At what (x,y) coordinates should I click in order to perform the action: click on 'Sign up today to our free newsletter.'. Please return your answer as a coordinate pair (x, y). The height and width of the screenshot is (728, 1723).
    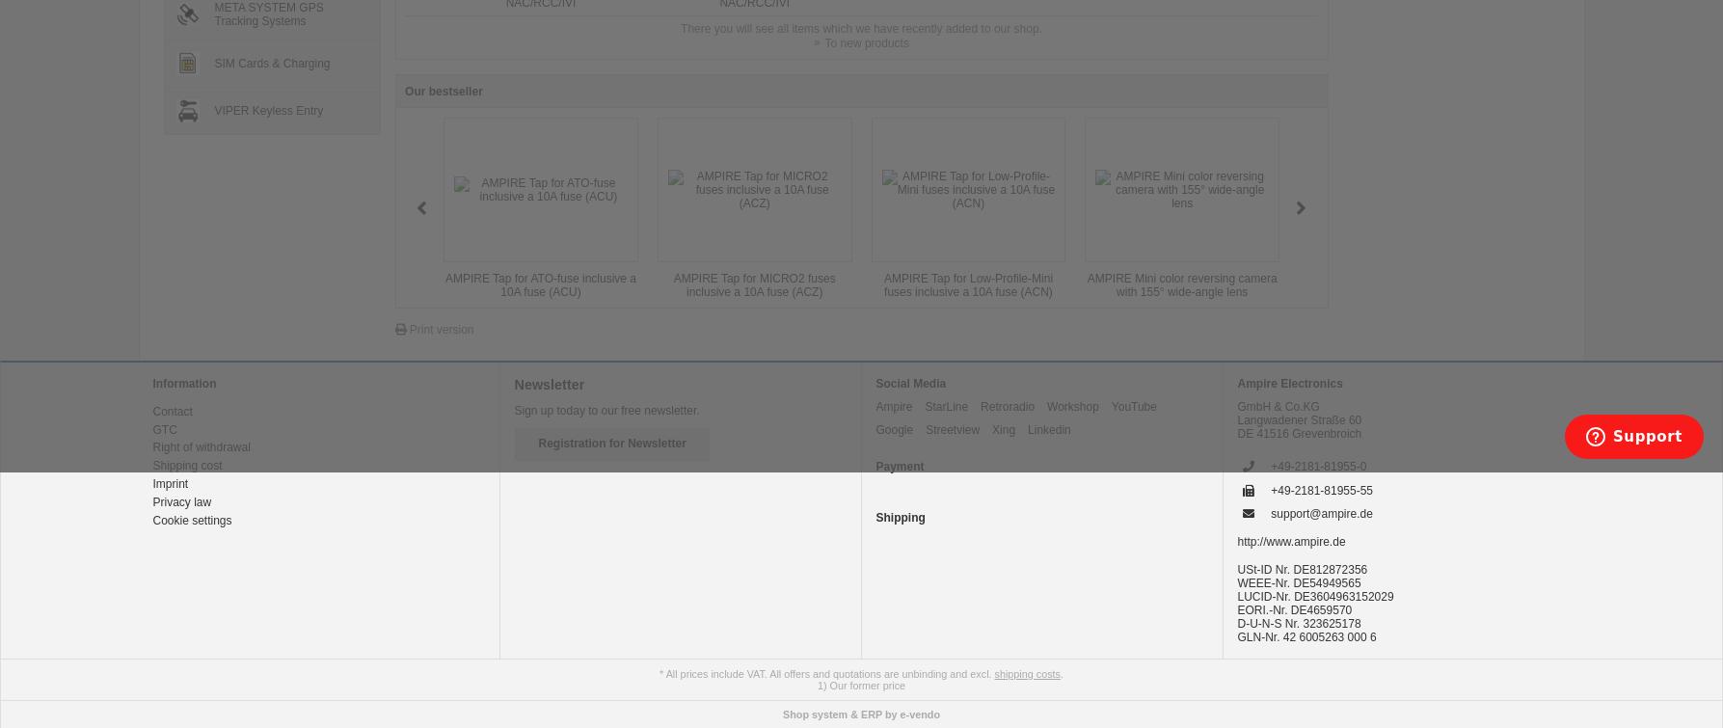
    Looking at the image, I should click on (606, 408).